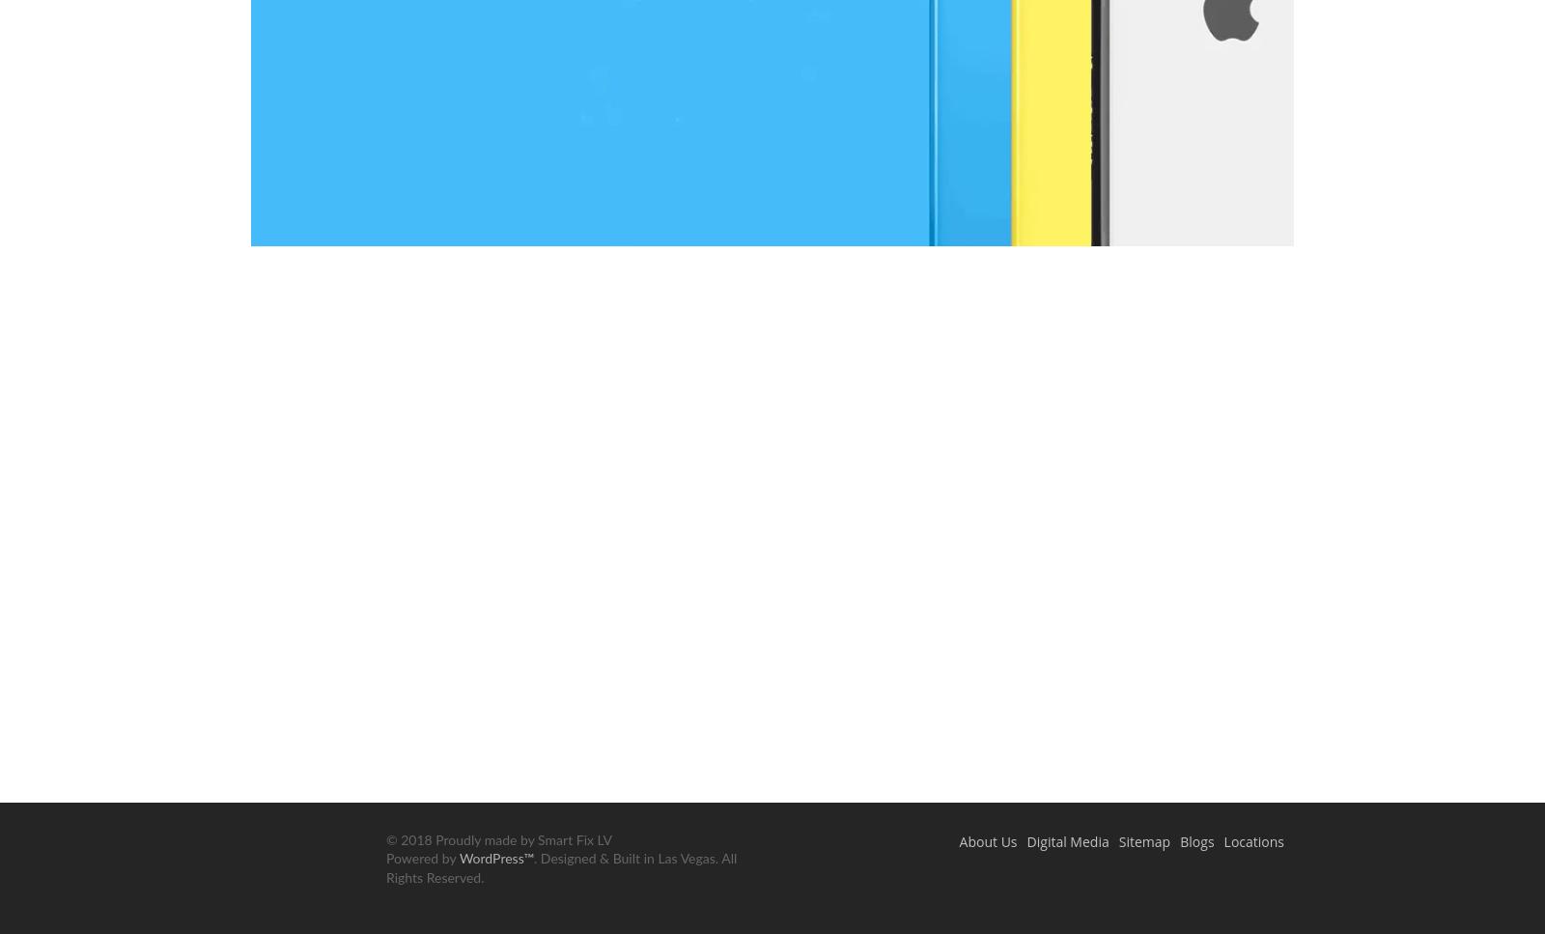 The height and width of the screenshot is (934, 1545). Describe the element at coordinates (497, 839) in the screenshot. I see `'© 2018 Proudly made by Smart Fix LV'` at that location.